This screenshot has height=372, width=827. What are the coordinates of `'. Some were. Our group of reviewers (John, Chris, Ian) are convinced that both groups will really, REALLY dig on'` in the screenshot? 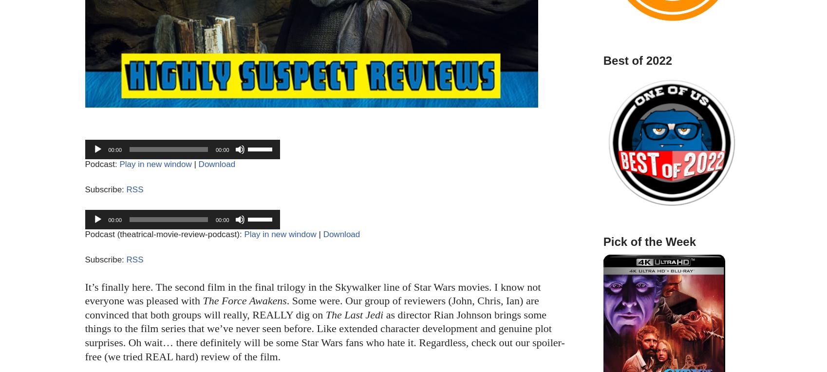 It's located at (311, 307).